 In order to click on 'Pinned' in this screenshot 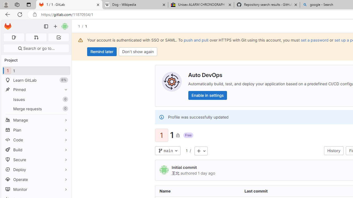, I will do `click(36, 89)`.